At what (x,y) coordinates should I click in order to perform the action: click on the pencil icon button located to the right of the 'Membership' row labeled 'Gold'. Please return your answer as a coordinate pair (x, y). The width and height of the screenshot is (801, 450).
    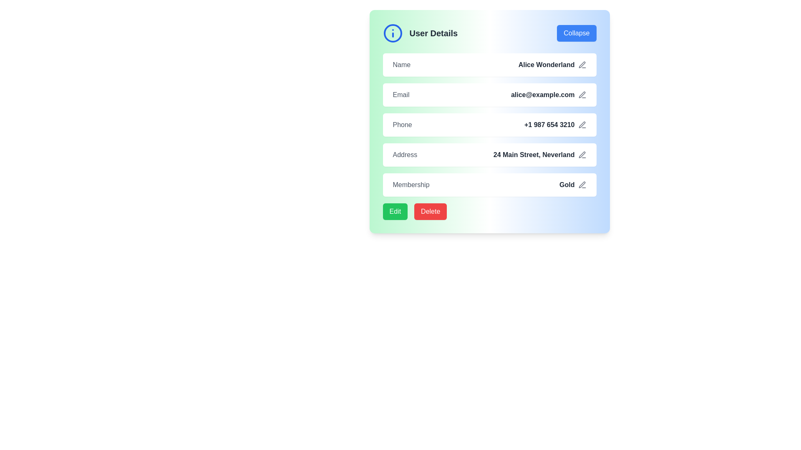
    Looking at the image, I should click on (582, 184).